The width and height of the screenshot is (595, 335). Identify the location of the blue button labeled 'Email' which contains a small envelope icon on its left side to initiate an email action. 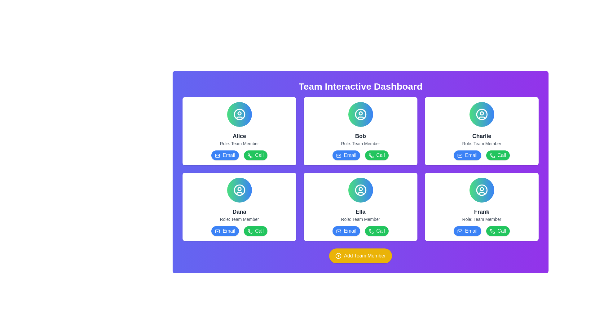
(218, 231).